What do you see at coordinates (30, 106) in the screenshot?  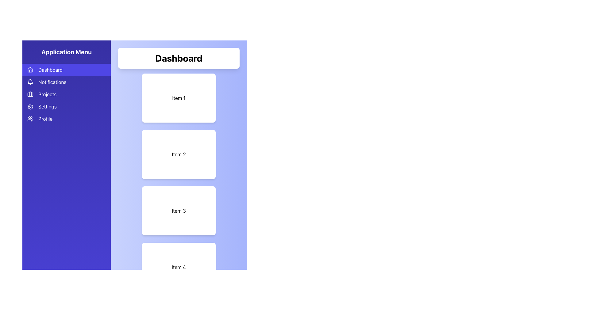 I see `the gear-like icon in the fourth row of the sidebar` at bounding box center [30, 106].